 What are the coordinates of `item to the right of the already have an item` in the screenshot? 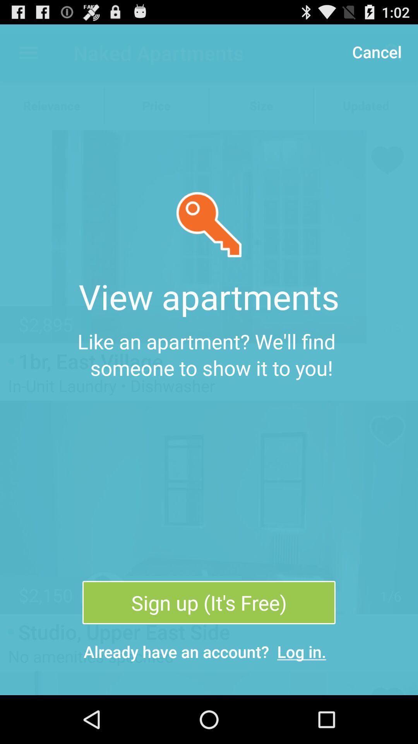 It's located at (301, 651).